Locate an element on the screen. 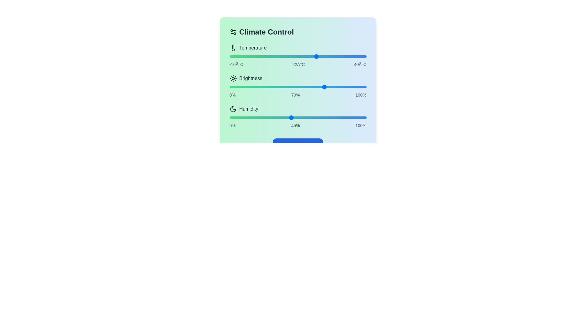  the brightness is located at coordinates (246, 87).